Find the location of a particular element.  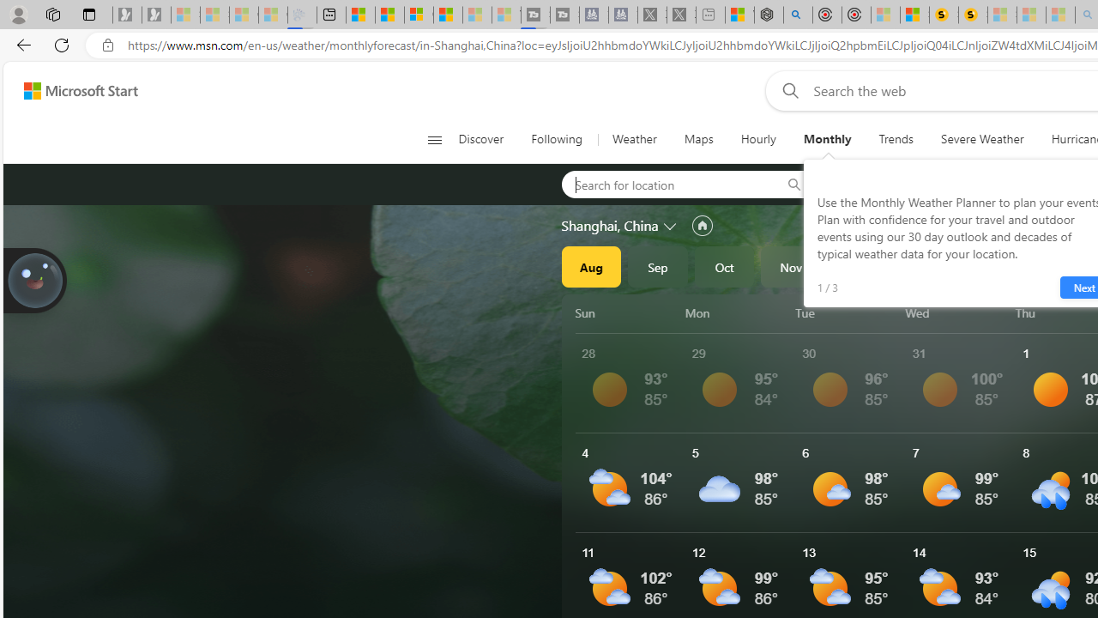

'Hourly' is located at coordinates (757, 139).